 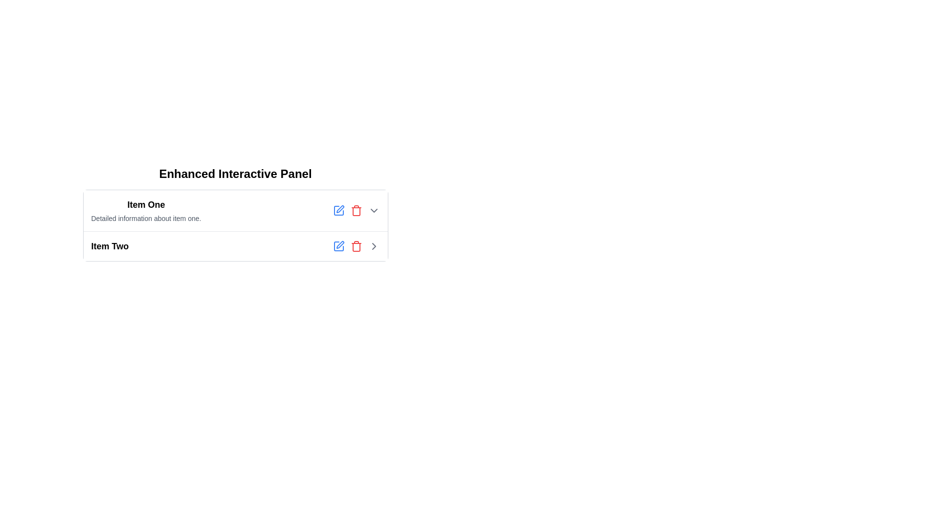 What do you see at coordinates (145, 218) in the screenshot?
I see `the descriptive text that reads 'Detailed information about item one', located below the bold header 'Item One'` at bounding box center [145, 218].